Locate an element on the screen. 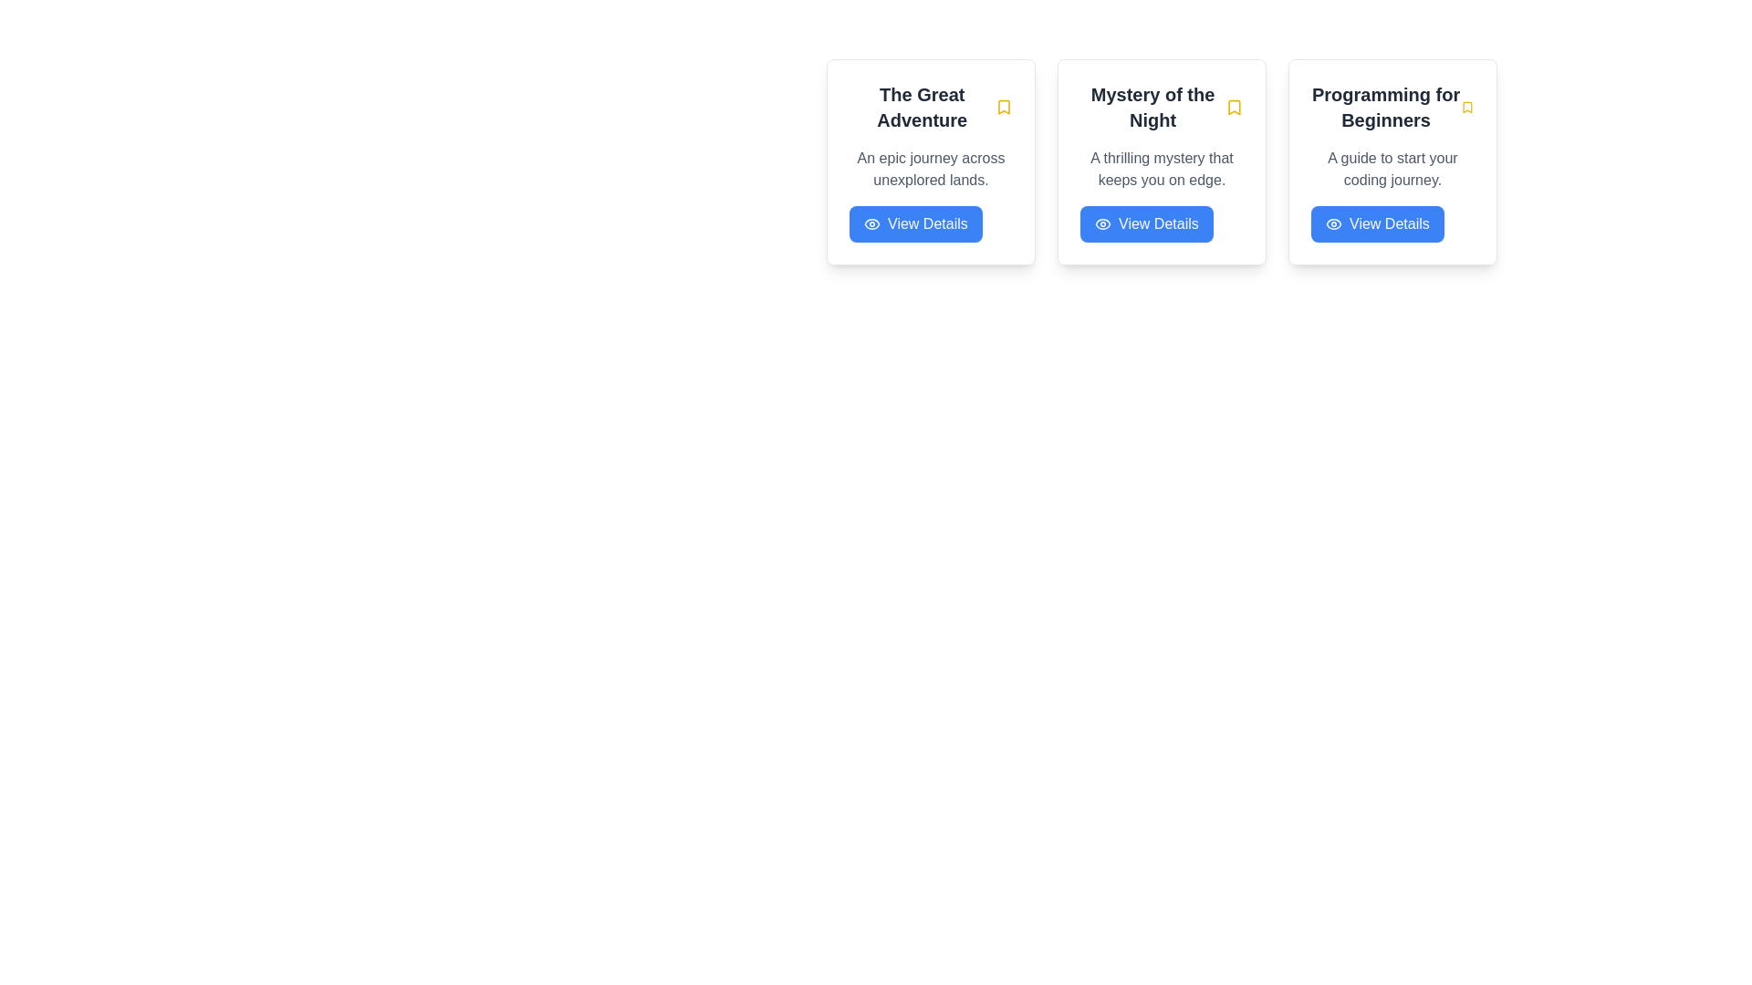 The height and width of the screenshot is (985, 1752). the static text element that provides a descriptive overview of 'Mystery of the Night', located in the middle of the three cards, below the title and above the 'View Details' button is located at coordinates (1161, 169).